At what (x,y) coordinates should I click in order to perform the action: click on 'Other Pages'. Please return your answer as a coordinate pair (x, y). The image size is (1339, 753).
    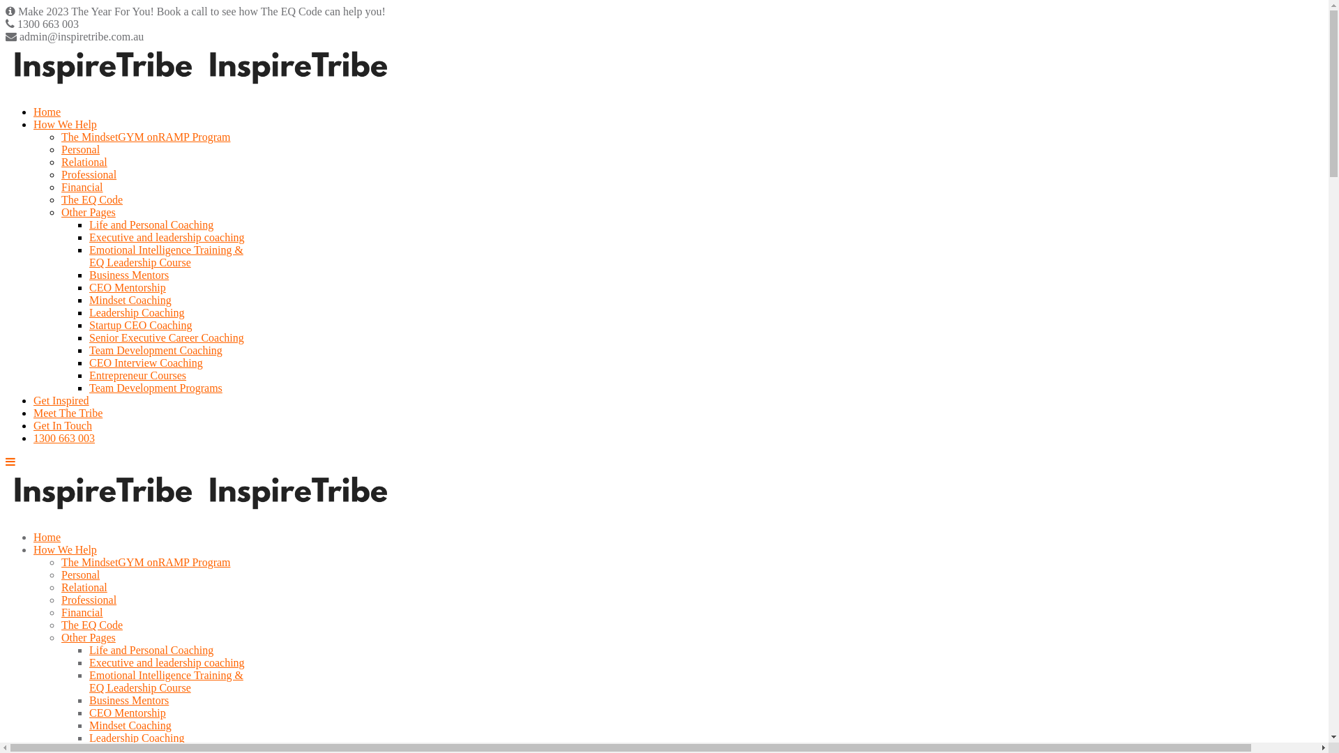
    Looking at the image, I should click on (87, 637).